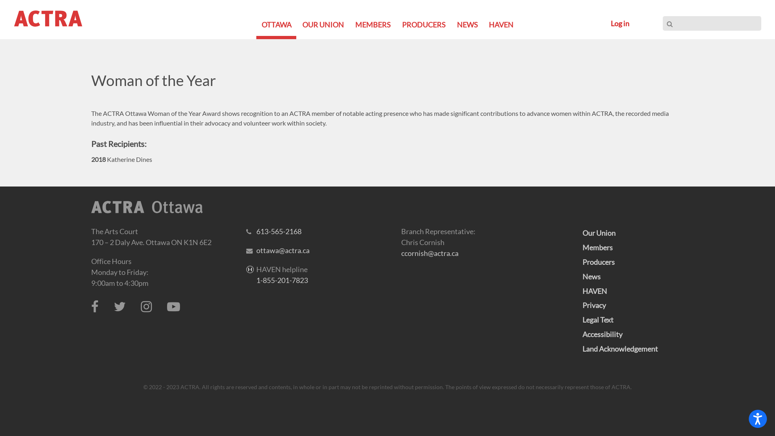  I want to click on 'Our Union', so click(599, 233).